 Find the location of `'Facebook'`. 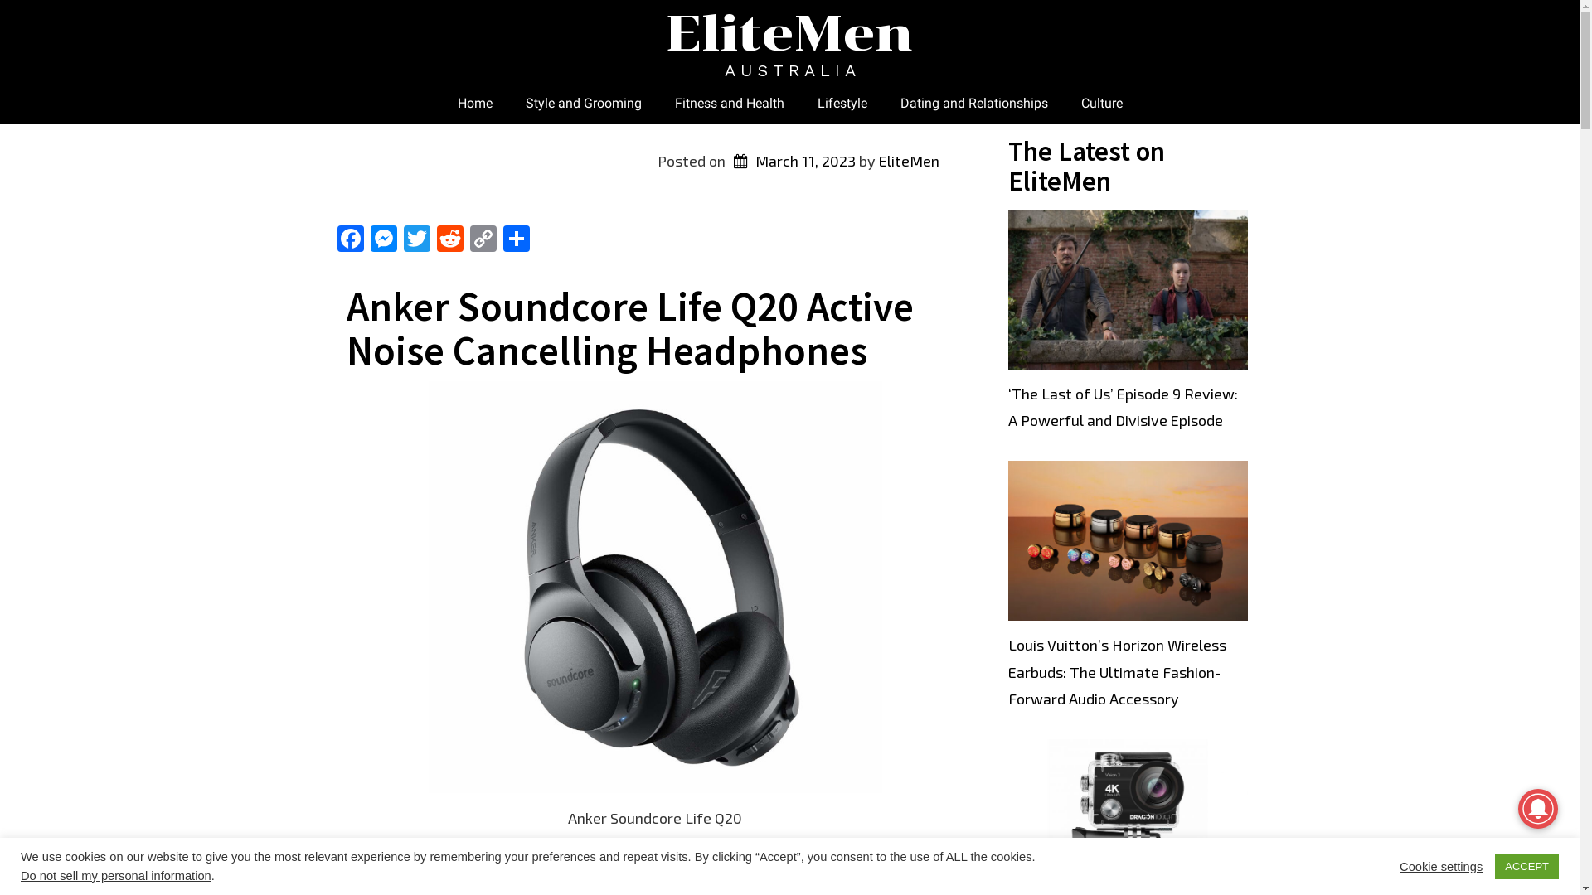

'Facebook' is located at coordinates (349, 239).